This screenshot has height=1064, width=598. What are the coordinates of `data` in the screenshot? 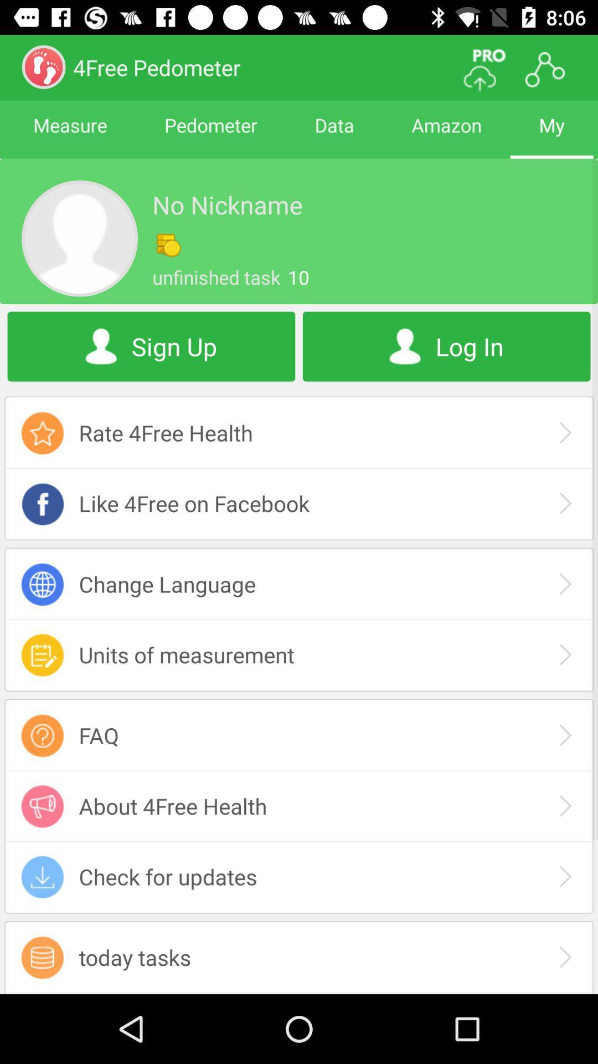 It's located at (334, 135).